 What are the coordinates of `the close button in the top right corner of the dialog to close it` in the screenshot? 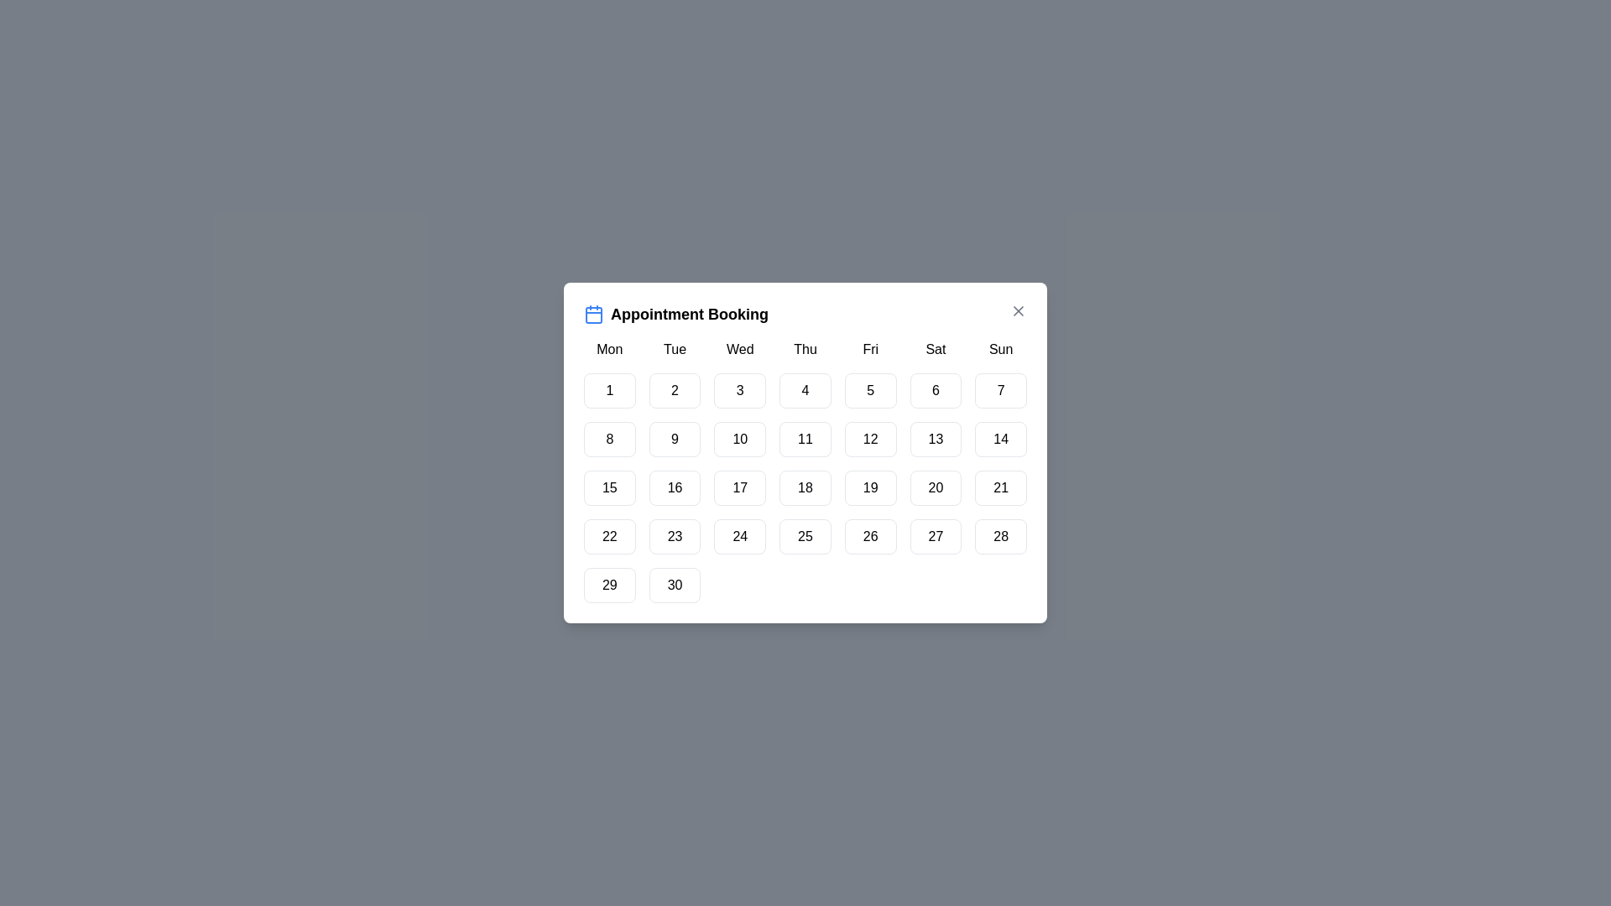 It's located at (1018, 310).